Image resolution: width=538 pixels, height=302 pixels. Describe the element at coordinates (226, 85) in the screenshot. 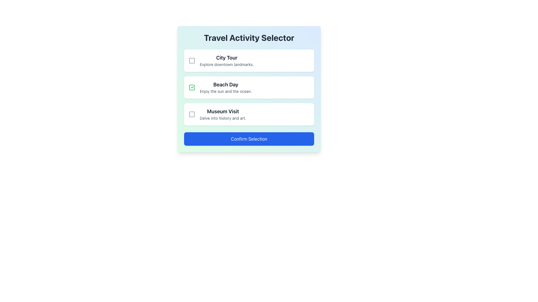

I see `the 'Beach Day' text label, which is displayed in bold and large font within the Travel Activity Selector section, located in the middle of the vertical list` at that location.